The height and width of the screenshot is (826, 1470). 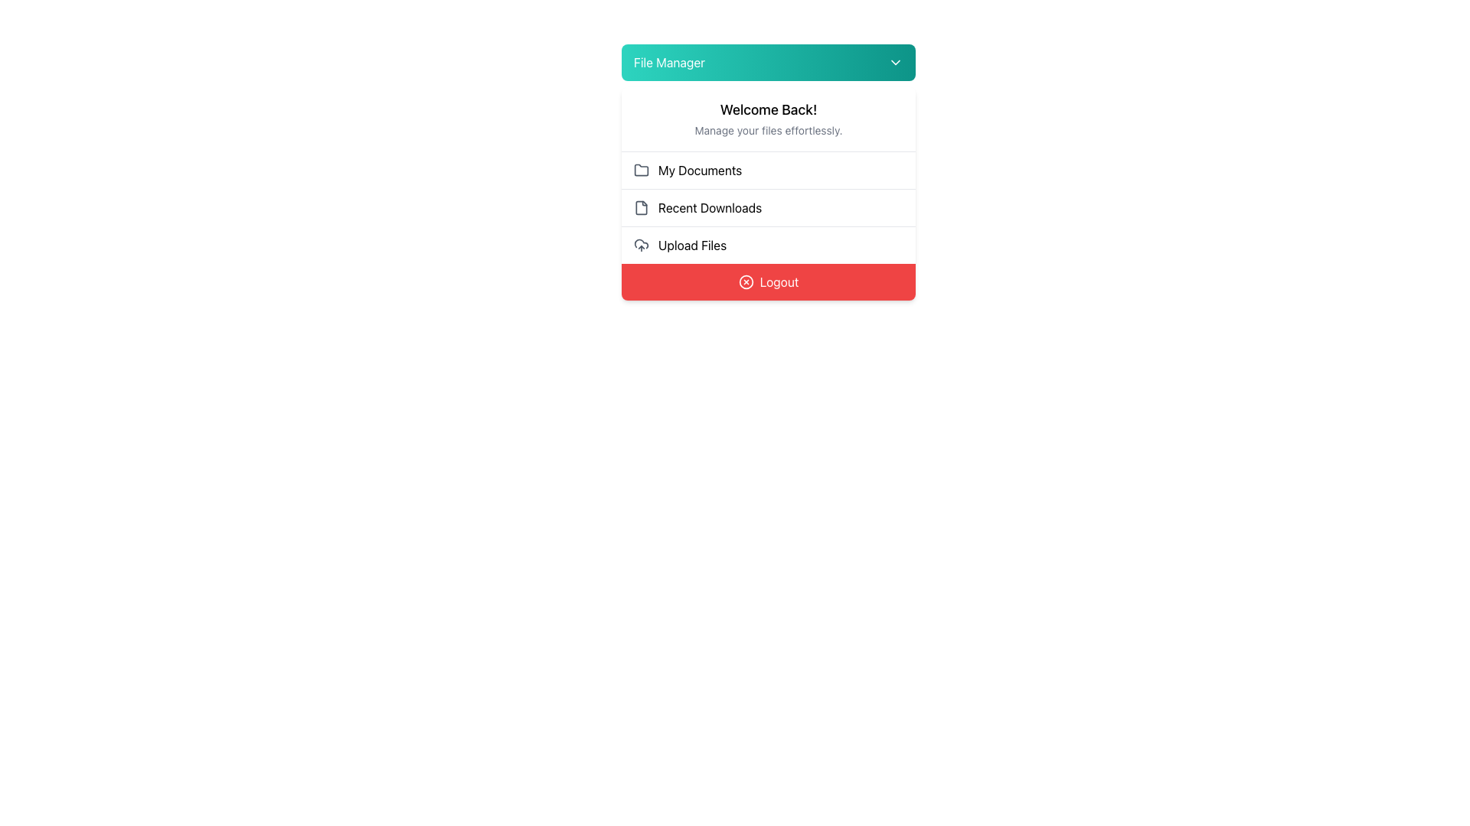 What do you see at coordinates (746, 282) in the screenshot?
I see `the logout icon located near the left side of the logout button at the bottom of the modal interface, which visually reinforces the logout action` at bounding box center [746, 282].